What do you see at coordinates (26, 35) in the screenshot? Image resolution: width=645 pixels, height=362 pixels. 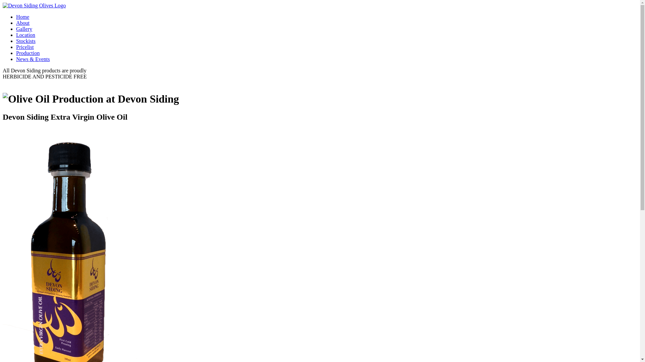 I see `'Location'` at bounding box center [26, 35].